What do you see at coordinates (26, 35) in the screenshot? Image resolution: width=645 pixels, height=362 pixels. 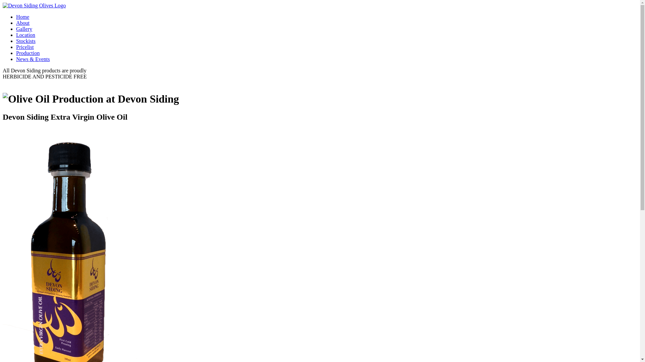 I see `'Location'` at bounding box center [26, 35].